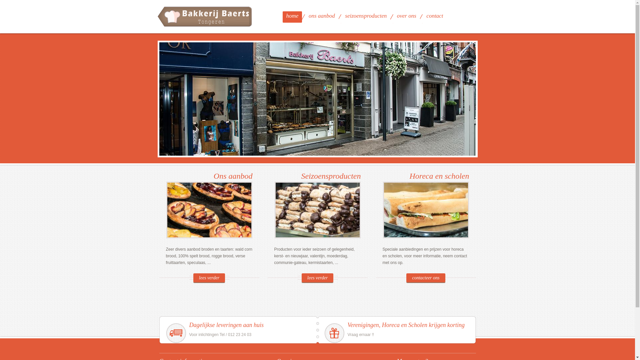 The height and width of the screenshot is (360, 640). I want to click on 'Bakkerij Baerts Tongeren', so click(205, 17).